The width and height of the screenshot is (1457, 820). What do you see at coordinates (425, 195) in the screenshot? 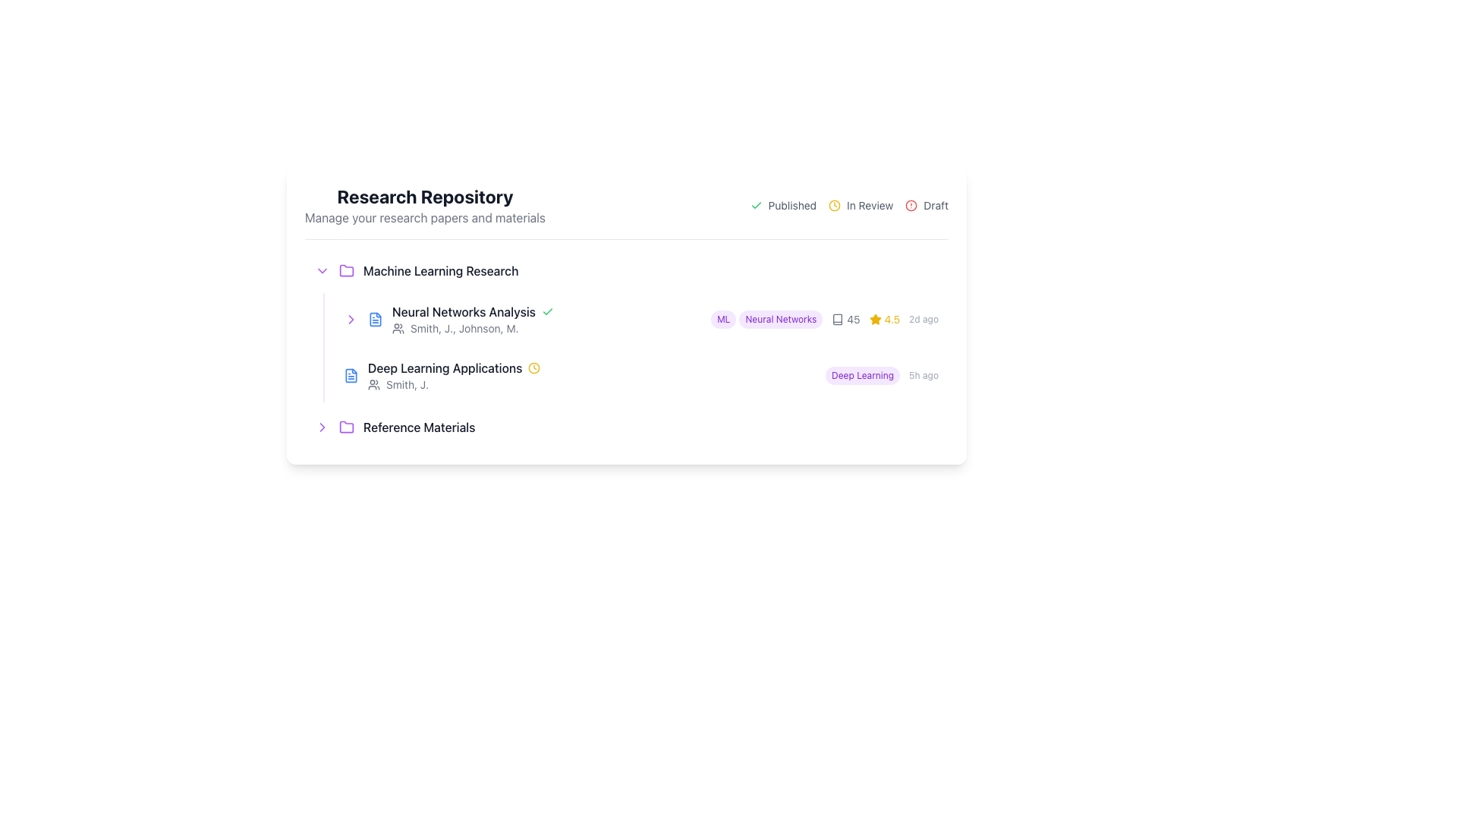
I see `the 'Research Repository' text label, which is prominently displayed at the top of the interface in large, bold, dark gray font` at bounding box center [425, 195].